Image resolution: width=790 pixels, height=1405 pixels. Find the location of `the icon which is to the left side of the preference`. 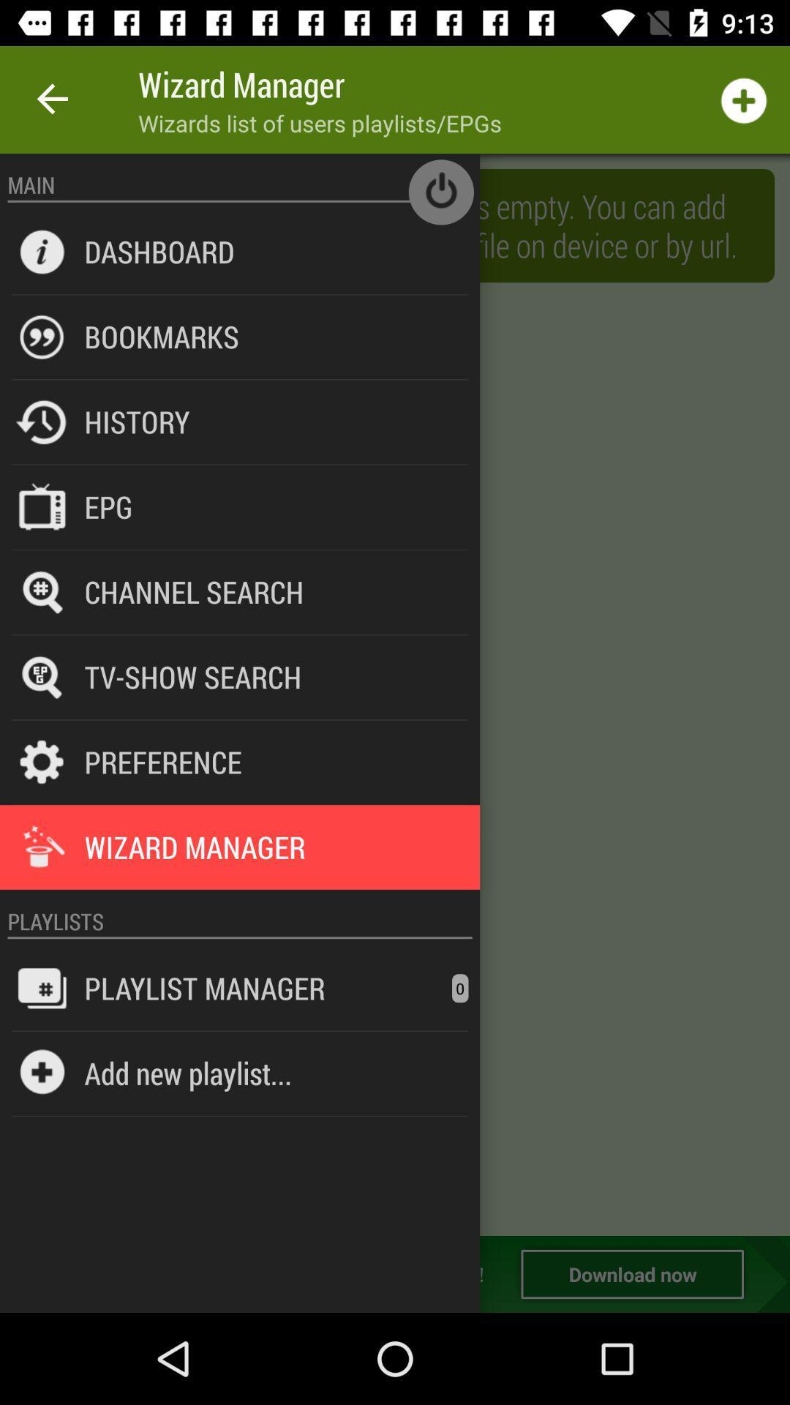

the icon which is to the left side of the preference is located at coordinates (41, 761).